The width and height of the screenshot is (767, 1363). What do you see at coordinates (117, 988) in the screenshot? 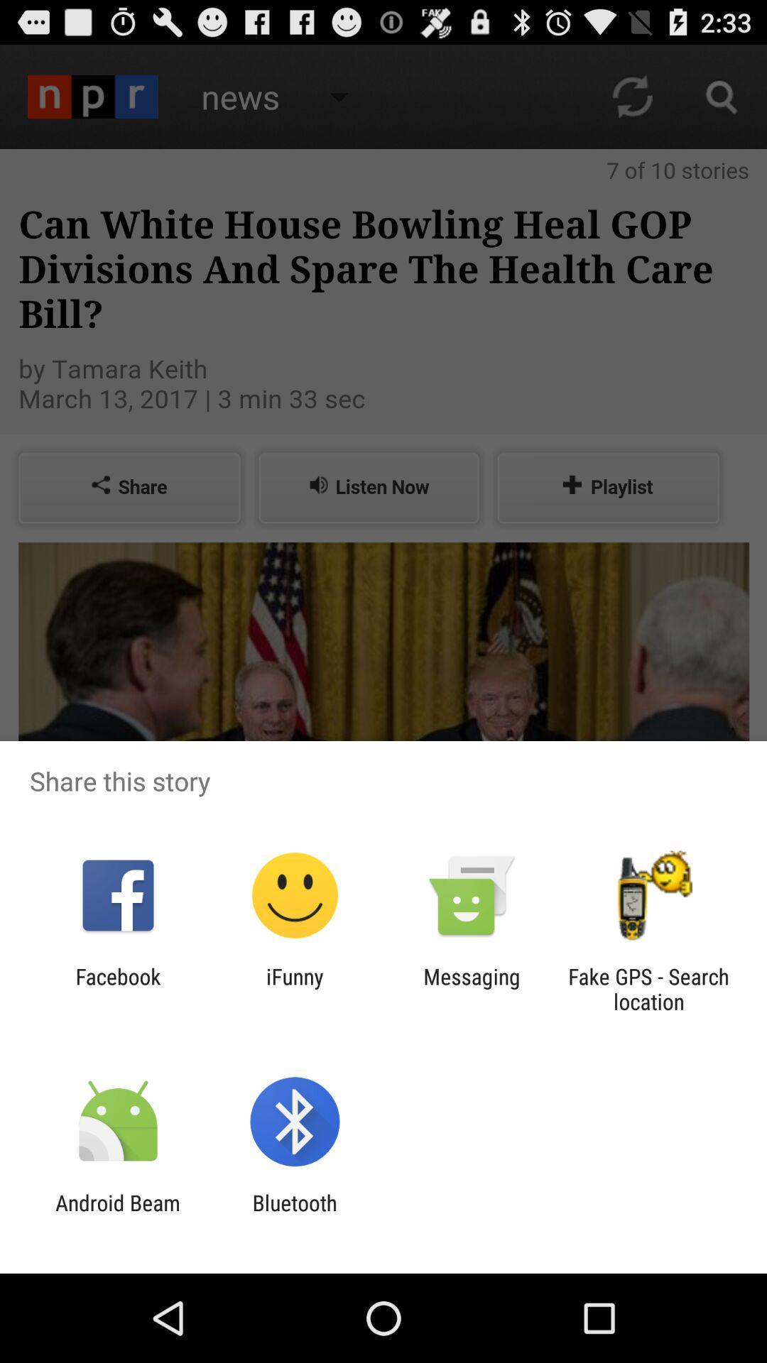
I see `facebook item` at bounding box center [117, 988].